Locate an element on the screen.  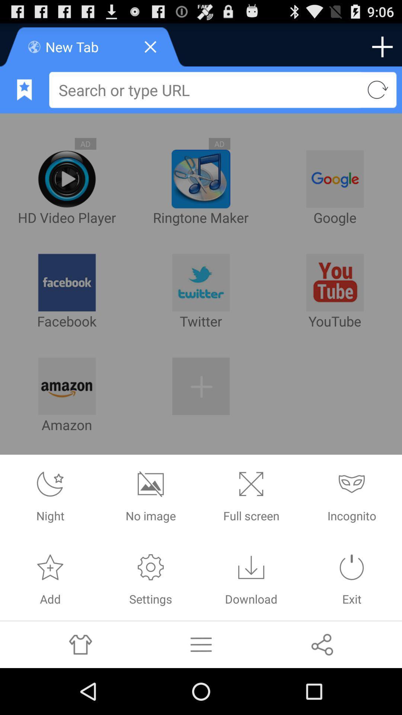
the add icon is located at coordinates (382, 50).